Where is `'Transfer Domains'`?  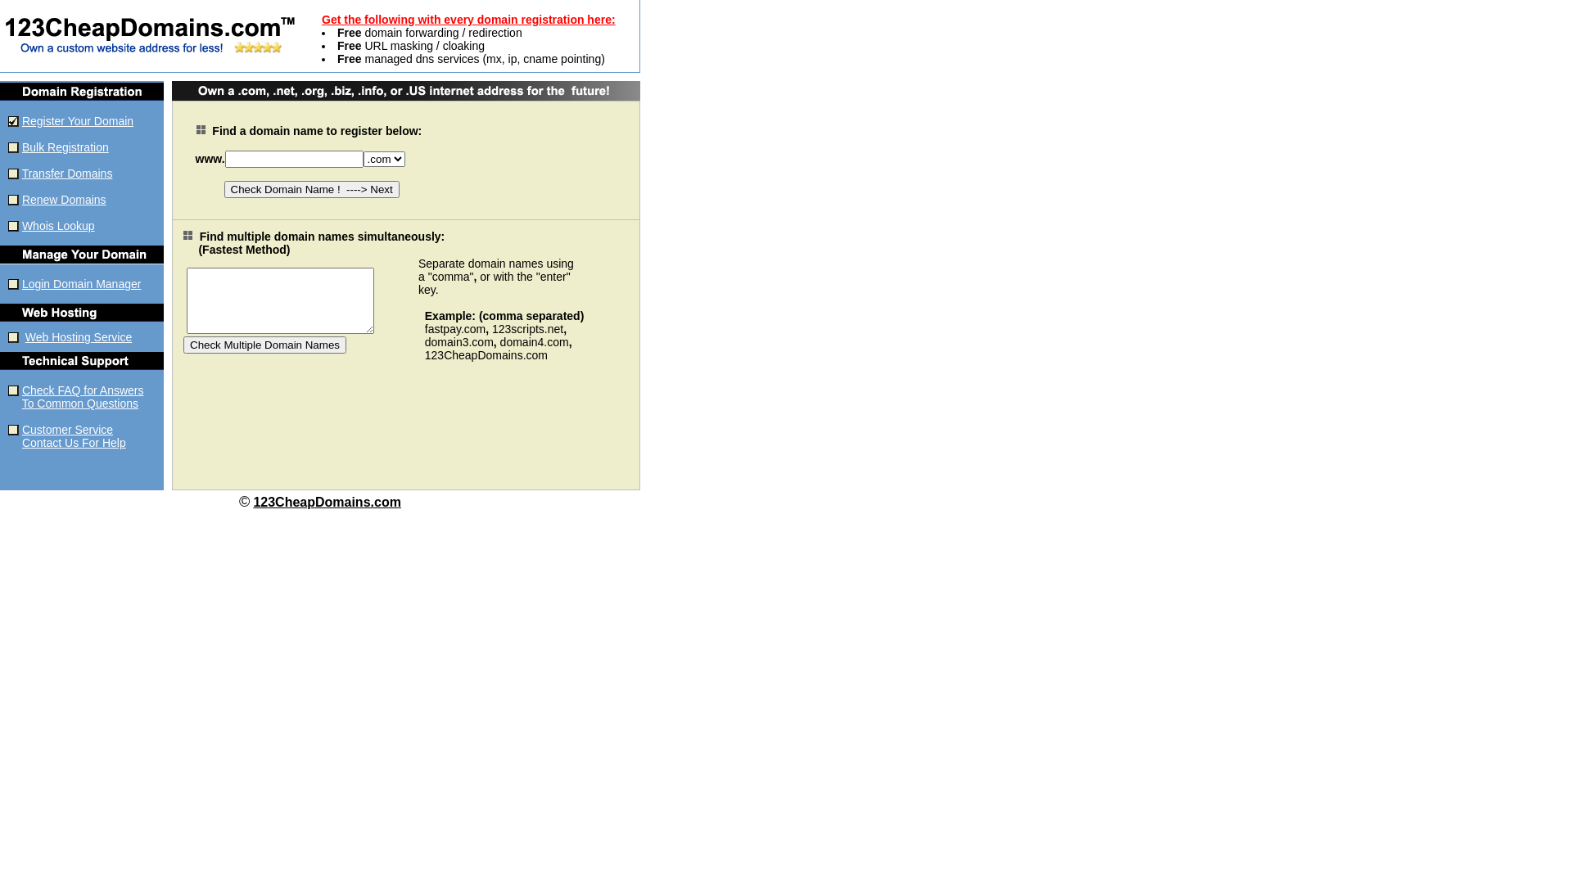 'Transfer Domains' is located at coordinates (66, 174).